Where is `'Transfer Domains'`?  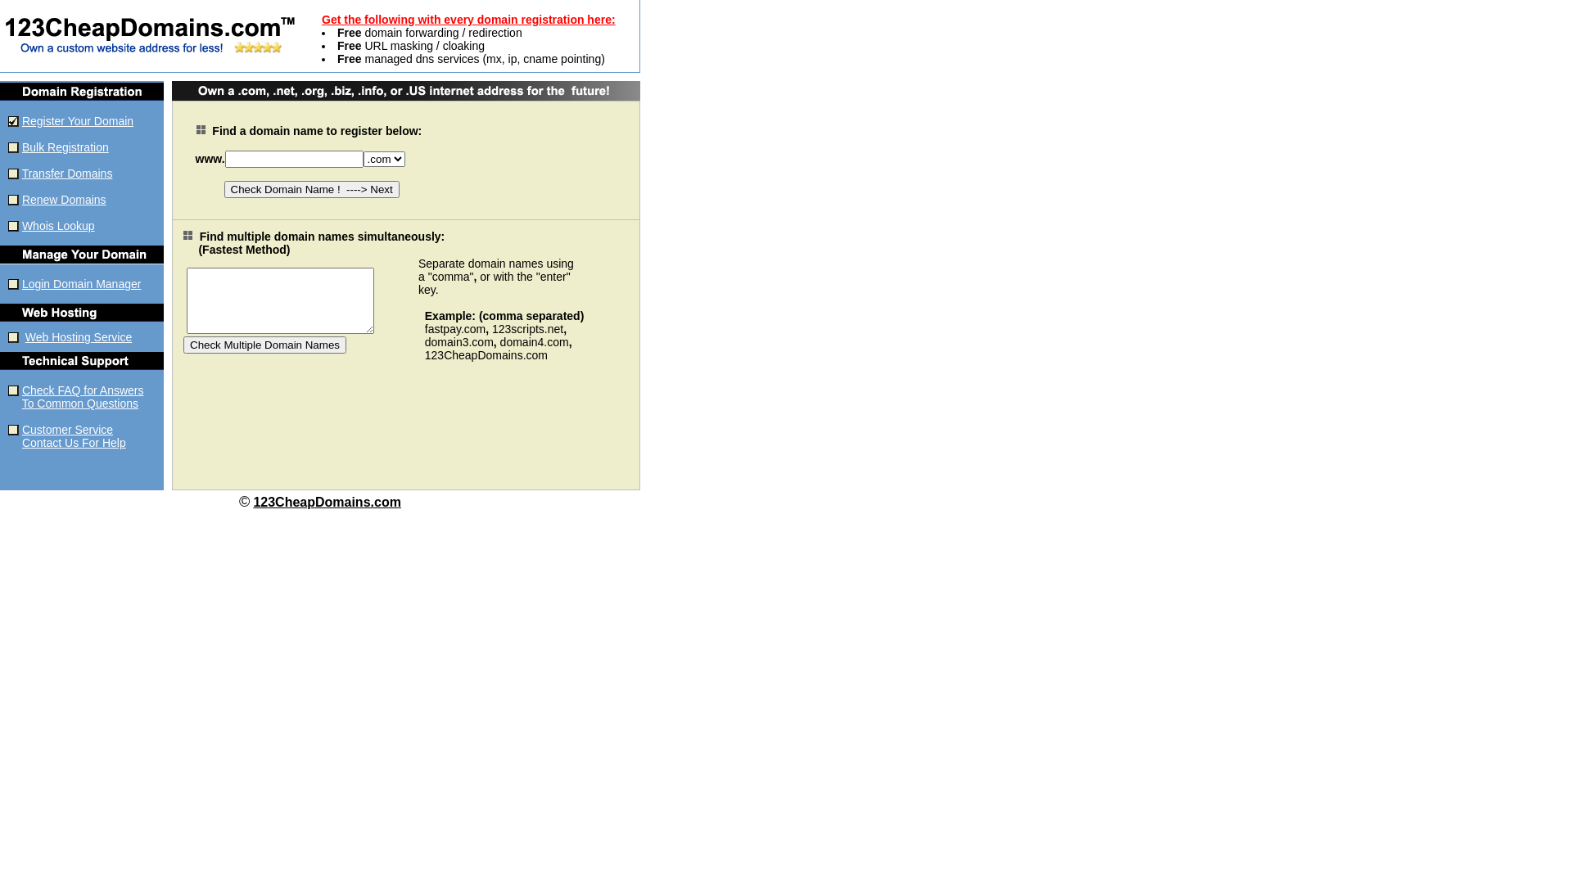 'Transfer Domains' is located at coordinates (66, 174).